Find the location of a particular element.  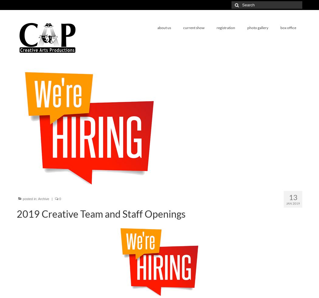

'box office' is located at coordinates (288, 27).